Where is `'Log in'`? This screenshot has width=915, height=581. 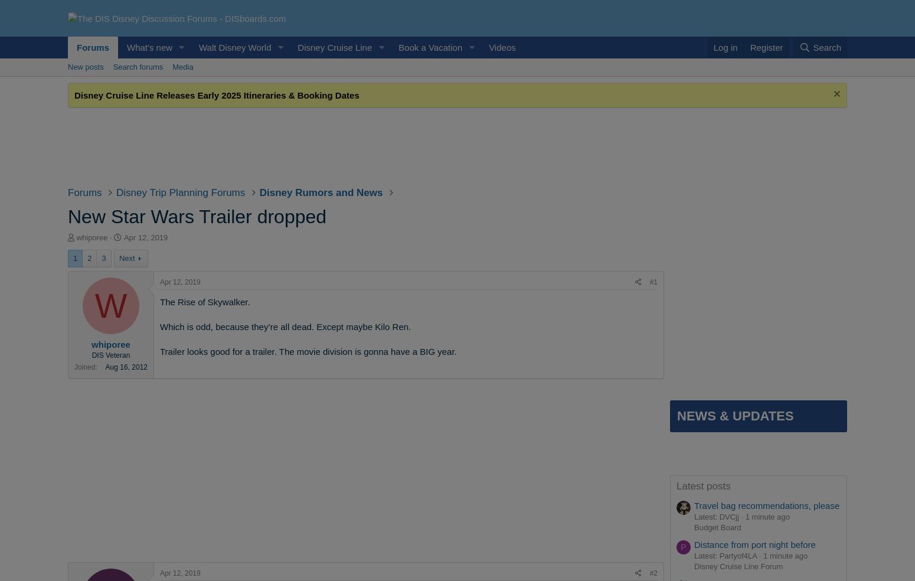
'Log in' is located at coordinates (725, 47).